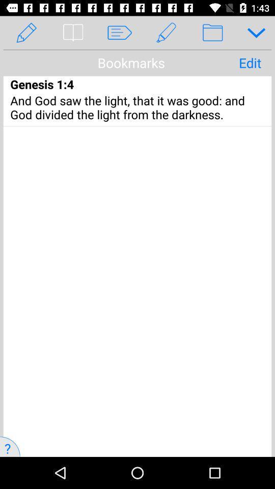  I want to click on the edit icon, so click(166, 33).